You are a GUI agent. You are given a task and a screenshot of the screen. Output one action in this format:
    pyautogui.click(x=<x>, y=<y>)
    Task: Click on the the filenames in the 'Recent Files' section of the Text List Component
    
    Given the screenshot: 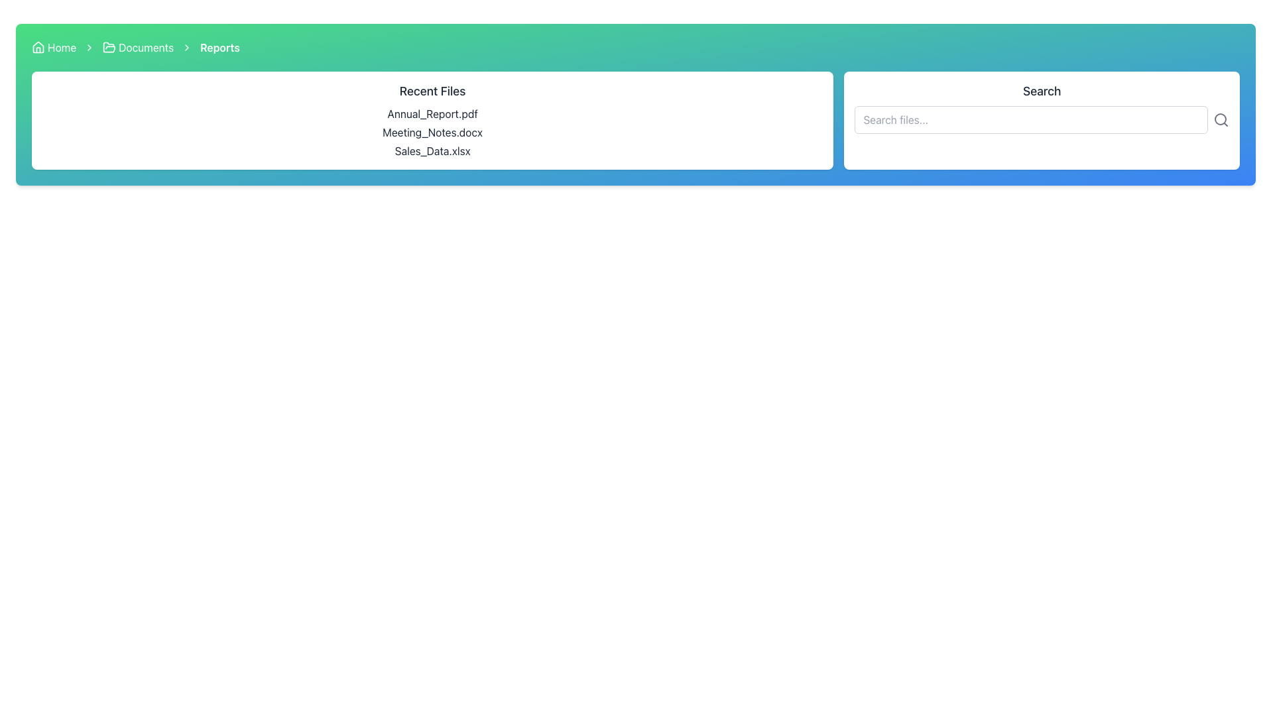 What is the action you would take?
    pyautogui.click(x=432, y=133)
    